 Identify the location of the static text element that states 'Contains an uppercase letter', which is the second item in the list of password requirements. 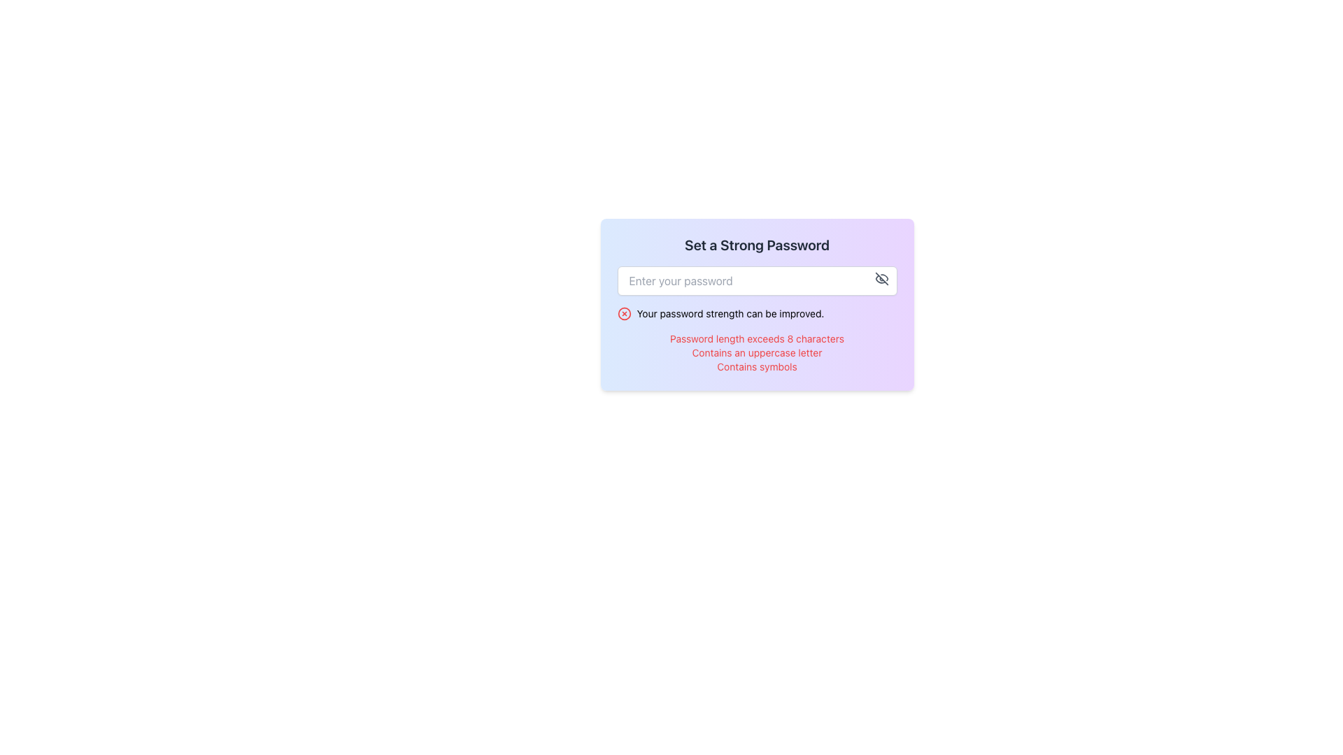
(756, 352).